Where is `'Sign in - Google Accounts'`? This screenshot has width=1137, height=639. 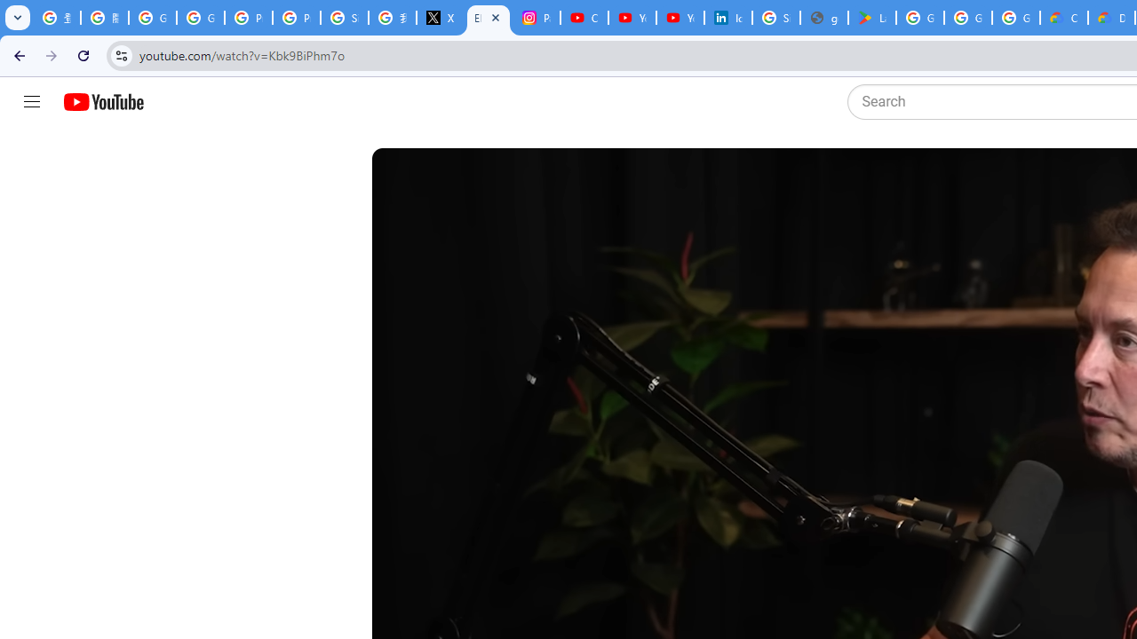
'Sign in - Google Accounts' is located at coordinates (344, 18).